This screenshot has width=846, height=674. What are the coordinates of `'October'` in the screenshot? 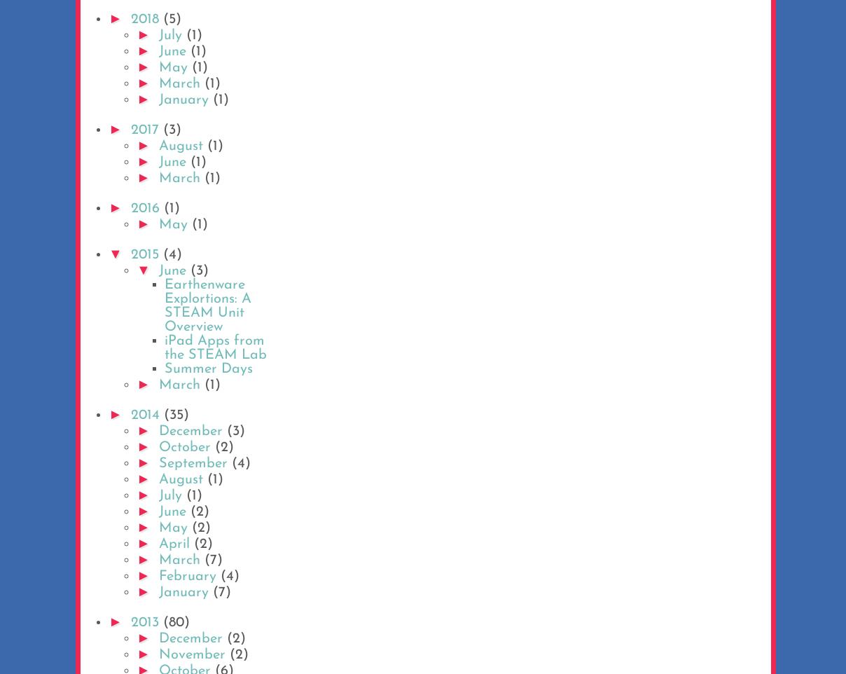 It's located at (186, 447).